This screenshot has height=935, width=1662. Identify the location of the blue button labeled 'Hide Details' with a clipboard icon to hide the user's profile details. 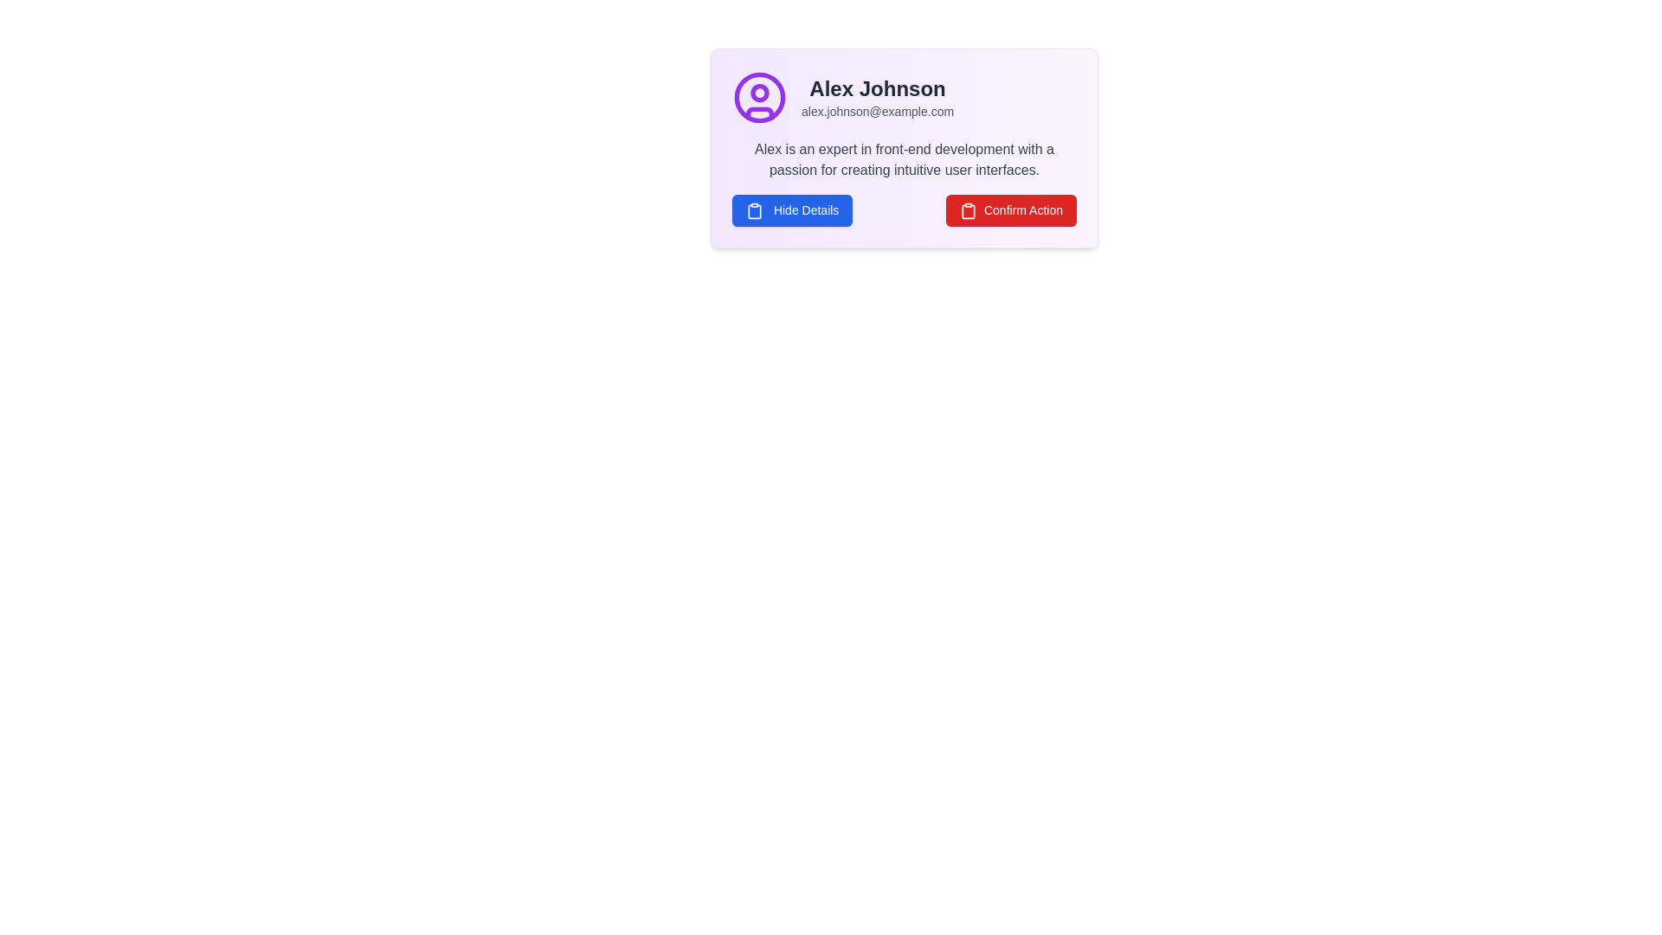
(791, 210).